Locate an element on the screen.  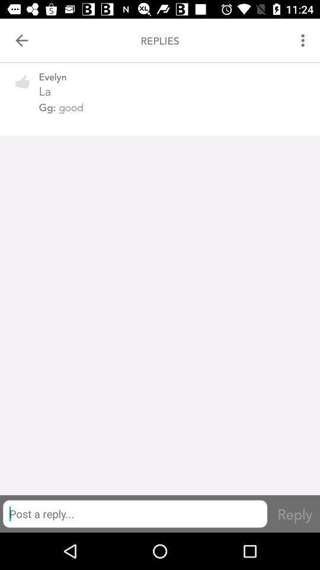
reply text is located at coordinates (134, 513).